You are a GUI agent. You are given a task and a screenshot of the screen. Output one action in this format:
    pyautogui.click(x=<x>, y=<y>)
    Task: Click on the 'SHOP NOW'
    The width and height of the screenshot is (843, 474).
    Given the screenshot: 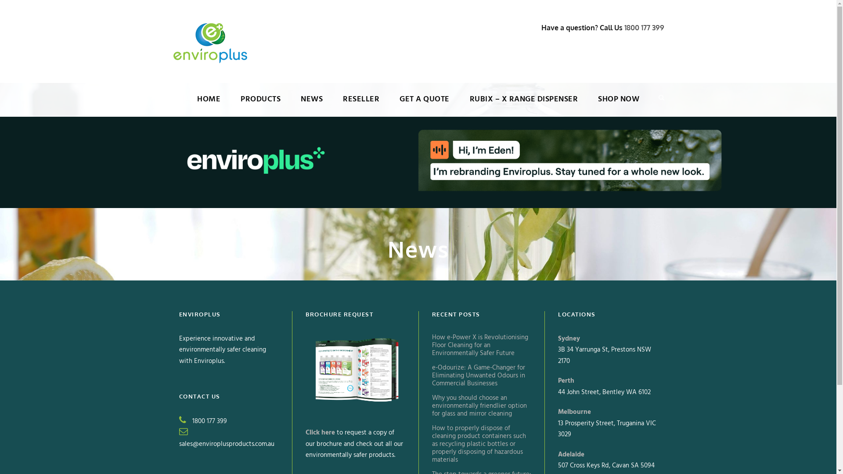 What is the action you would take?
    pyautogui.click(x=618, y=104)
    